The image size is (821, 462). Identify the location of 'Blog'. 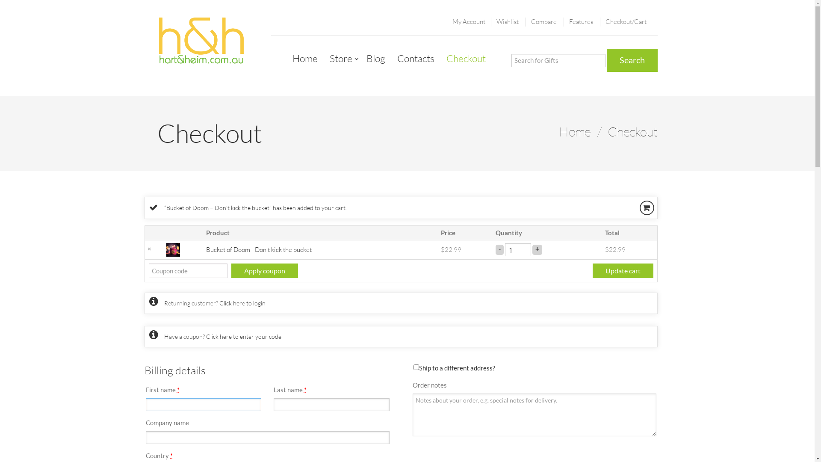
(375, 58).